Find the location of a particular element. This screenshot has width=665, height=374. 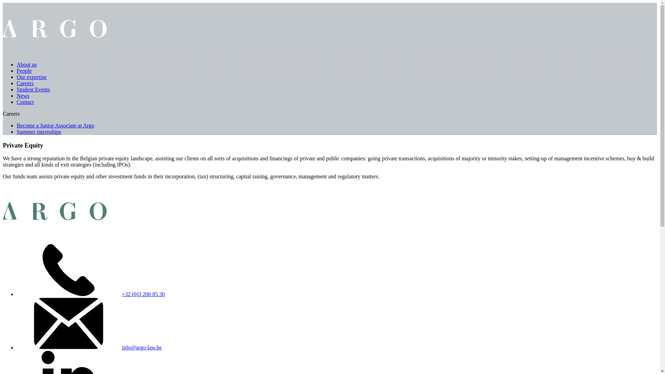

'About us' is located at coordinates (26, 64).